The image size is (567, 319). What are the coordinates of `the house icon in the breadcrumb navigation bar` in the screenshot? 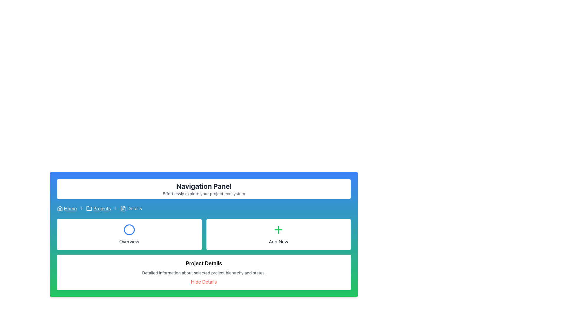 It's located at (60, 208).